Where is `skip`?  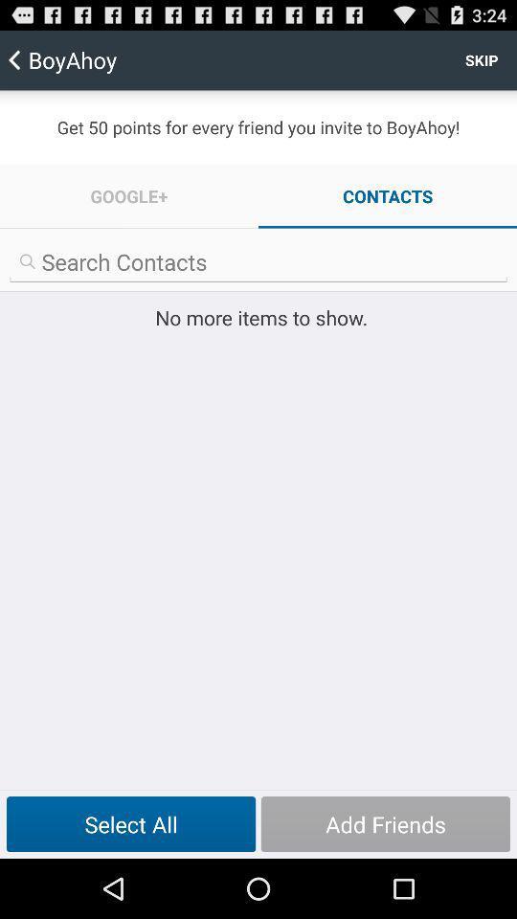
skip is located at coordinates (481, 59).